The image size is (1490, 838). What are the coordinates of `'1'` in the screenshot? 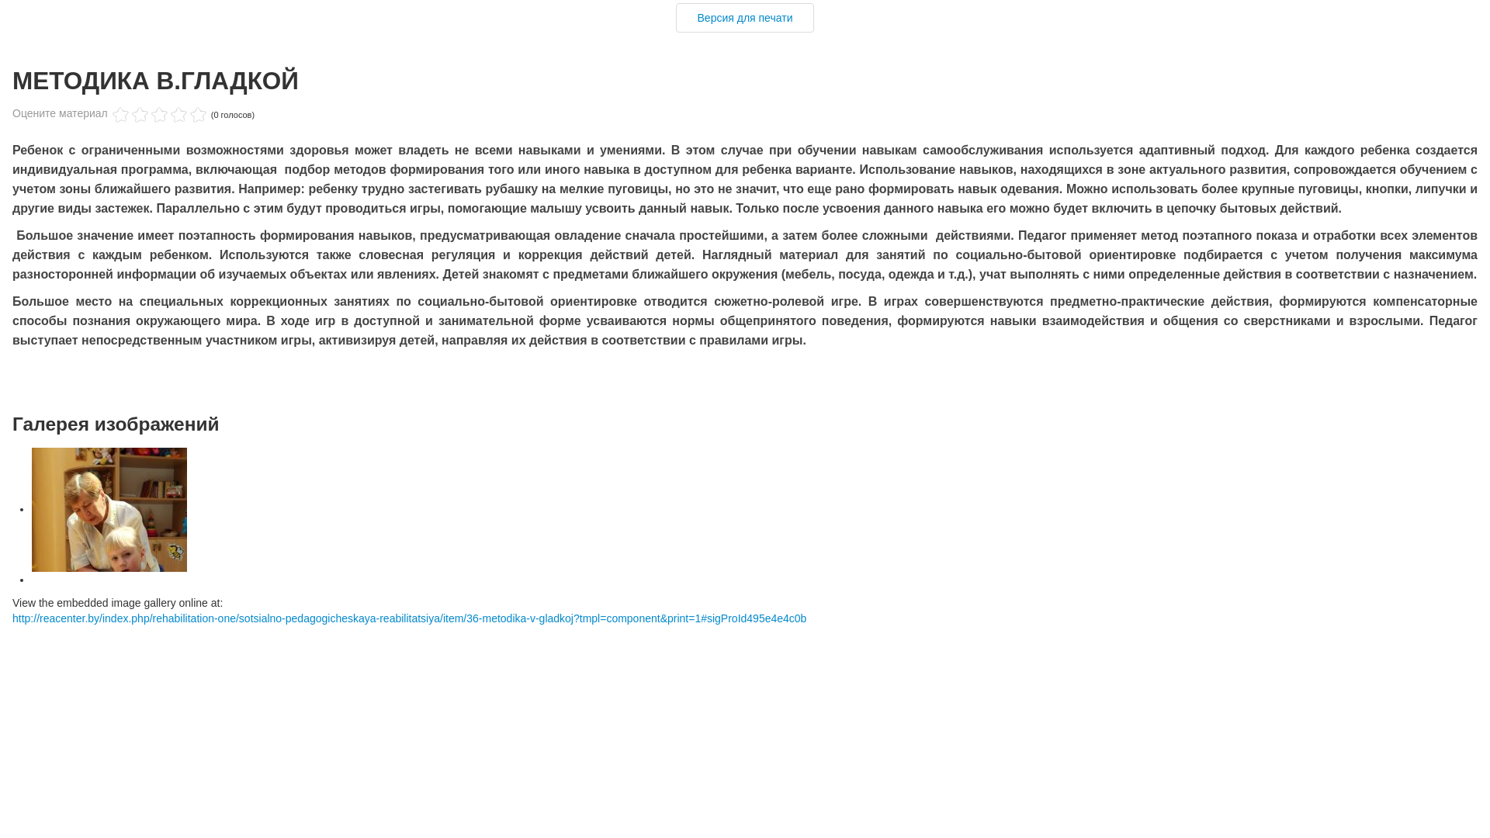 It's located at (120, 114).